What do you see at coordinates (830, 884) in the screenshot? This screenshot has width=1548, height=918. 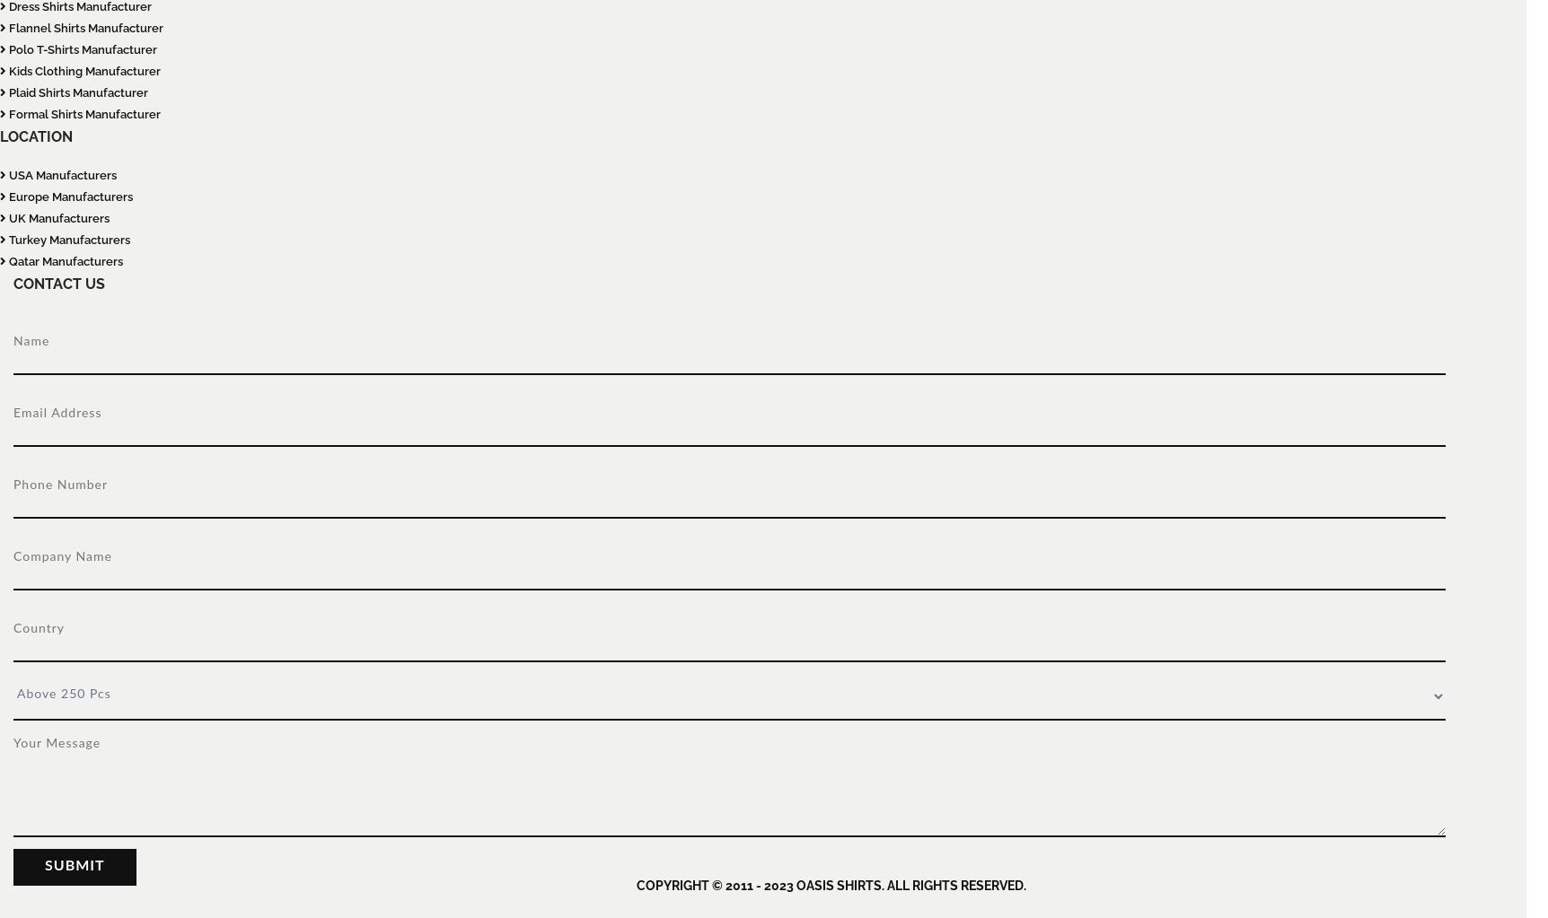 I see `'COPYRIGHT © 2011 - 2023 OASIS SHIRTS. ALL RIGHTS RESERVED.'` at bounding box center [830, 884].